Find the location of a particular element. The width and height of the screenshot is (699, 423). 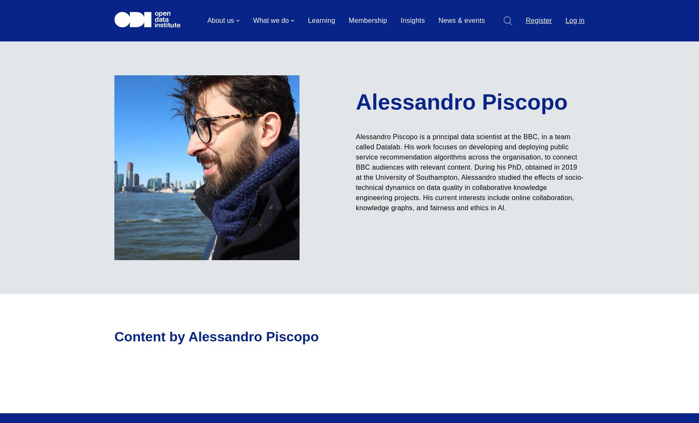

'Alessandro Piscopo' is located at coordinates (461, 102).